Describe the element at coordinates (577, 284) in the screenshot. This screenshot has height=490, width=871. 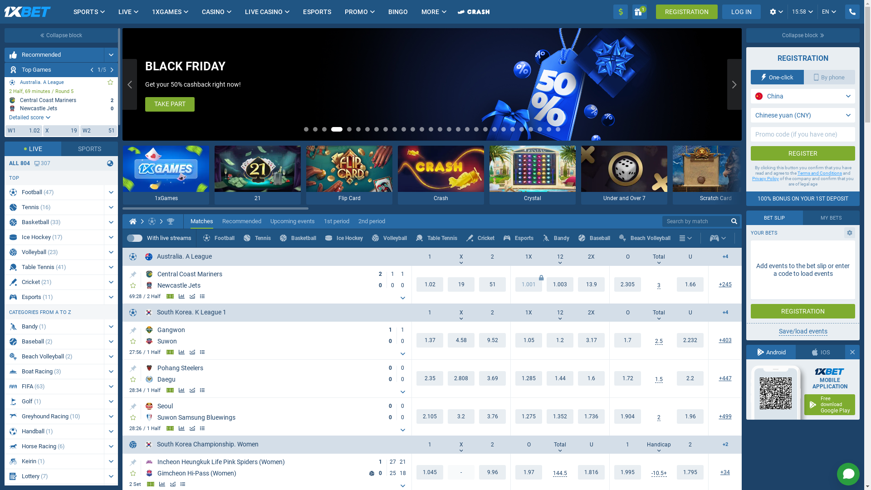
I see `'13.9'` at that location.